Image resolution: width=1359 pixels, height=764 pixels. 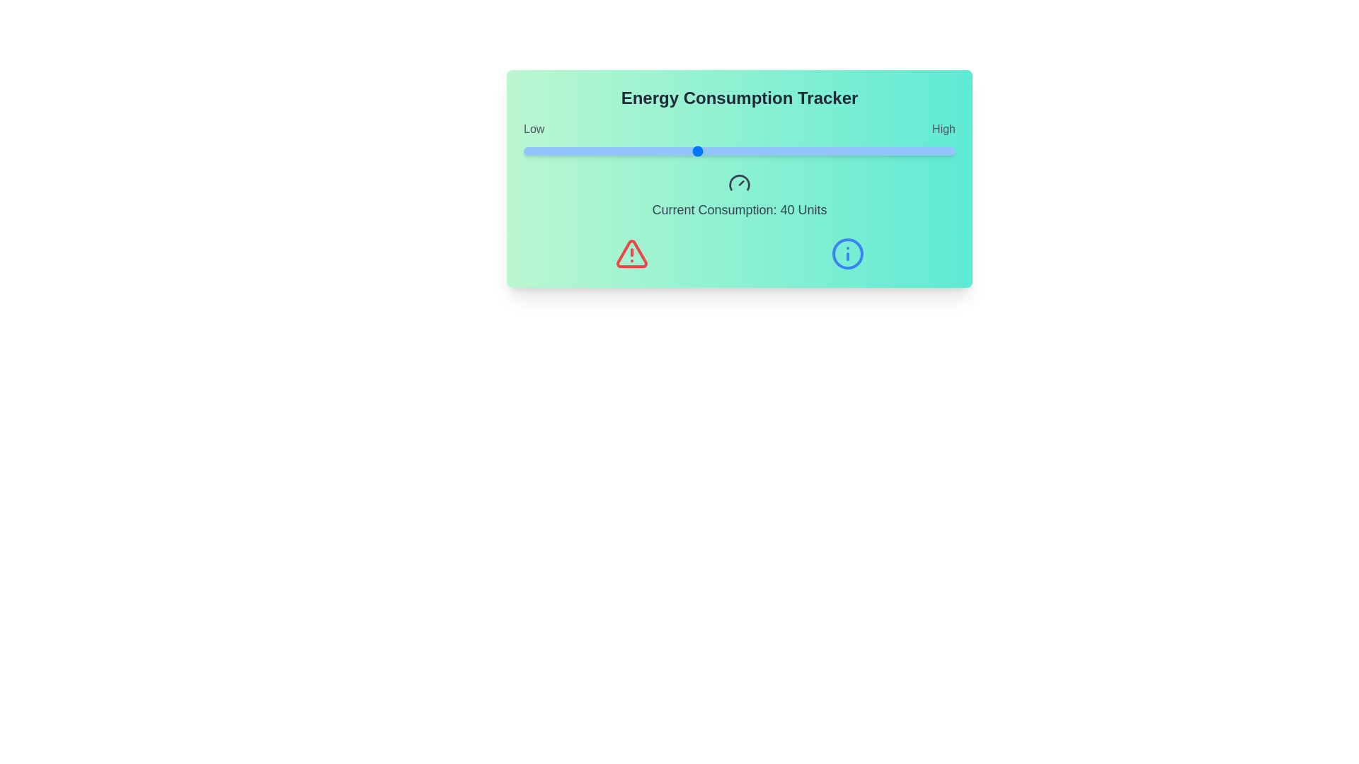 I want to click on the info icon to access more details, so click(x=847, y=253).